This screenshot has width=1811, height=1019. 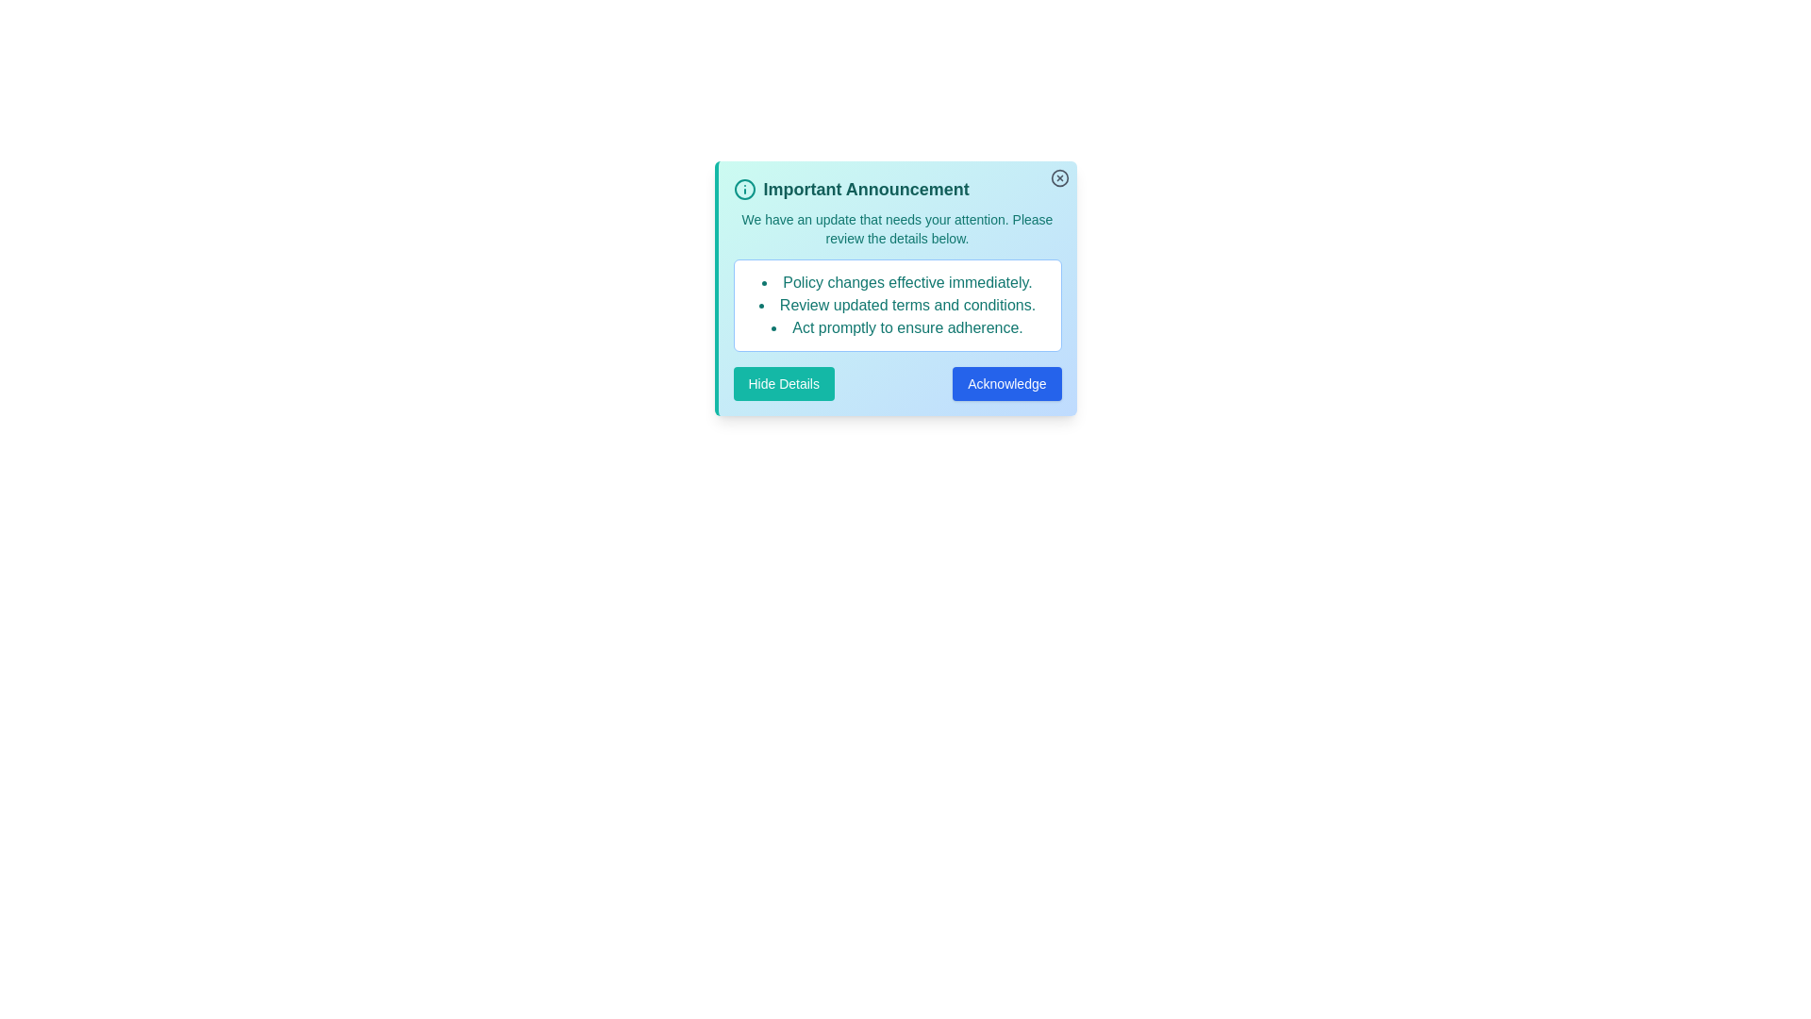 I want to click on the 'Acknowledge' button to acknowledge the notification, so click(x=1005, y=383).